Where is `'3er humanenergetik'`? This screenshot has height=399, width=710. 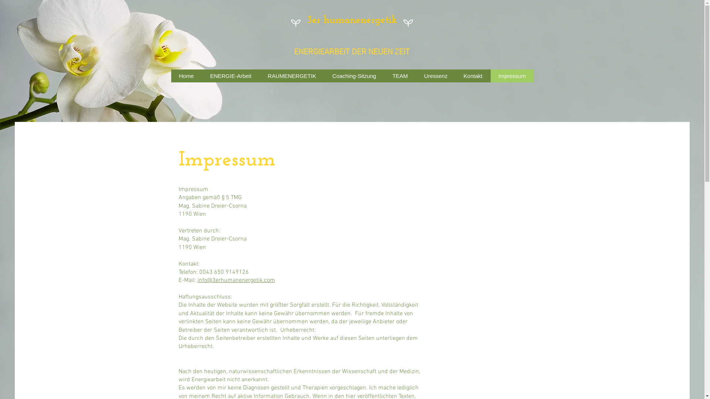
'3er humanenergetik' is located at coordinates (351, 20).